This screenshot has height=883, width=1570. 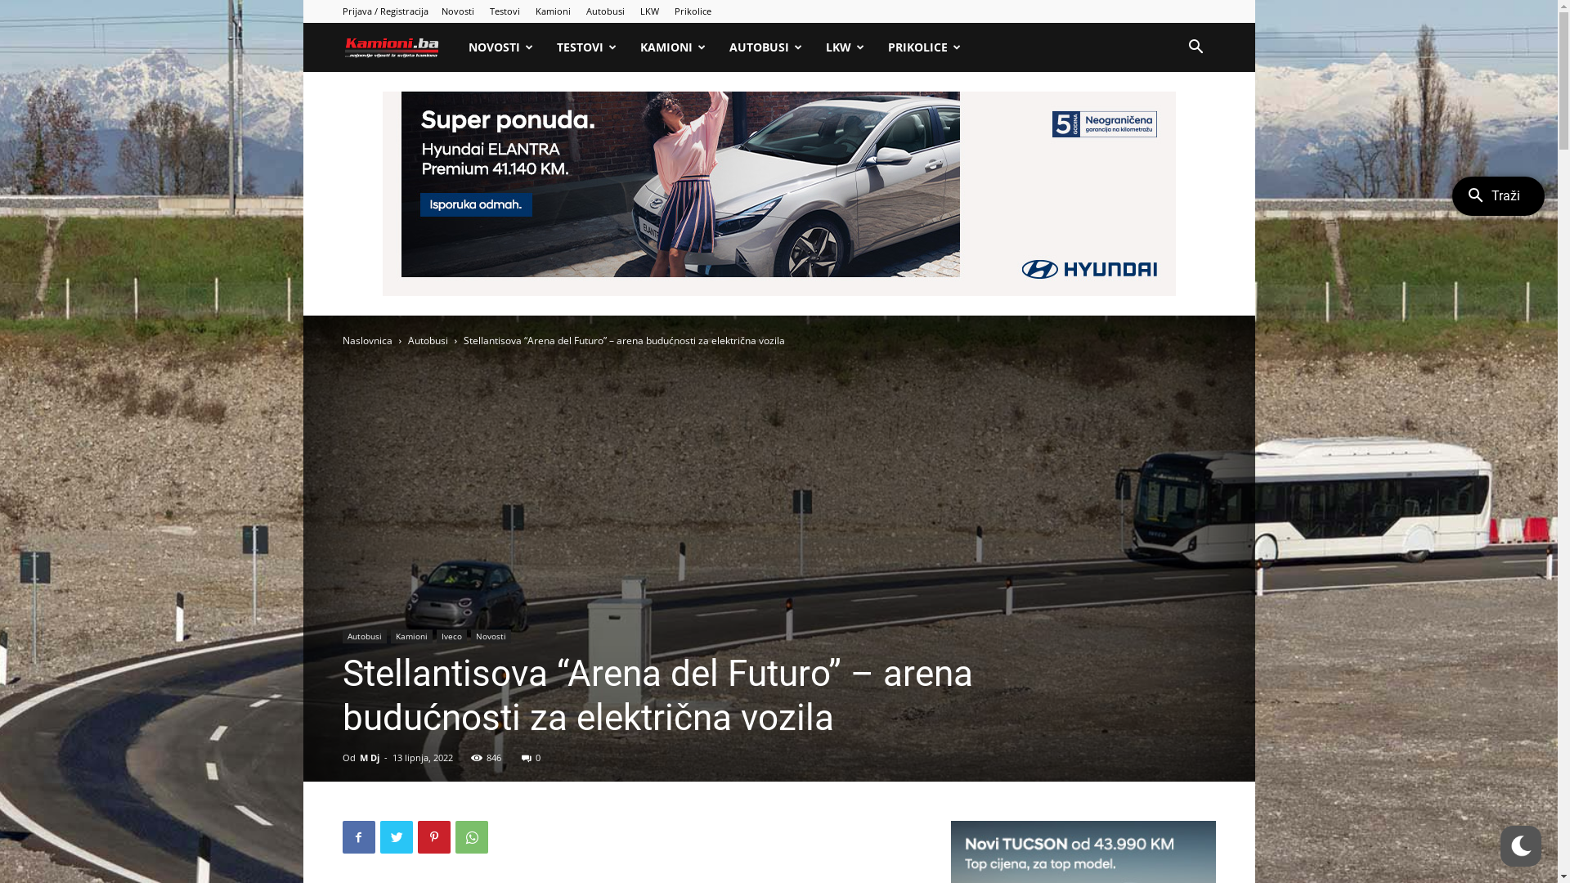 I want to click on 'LKW', so click(x=648, y=11).